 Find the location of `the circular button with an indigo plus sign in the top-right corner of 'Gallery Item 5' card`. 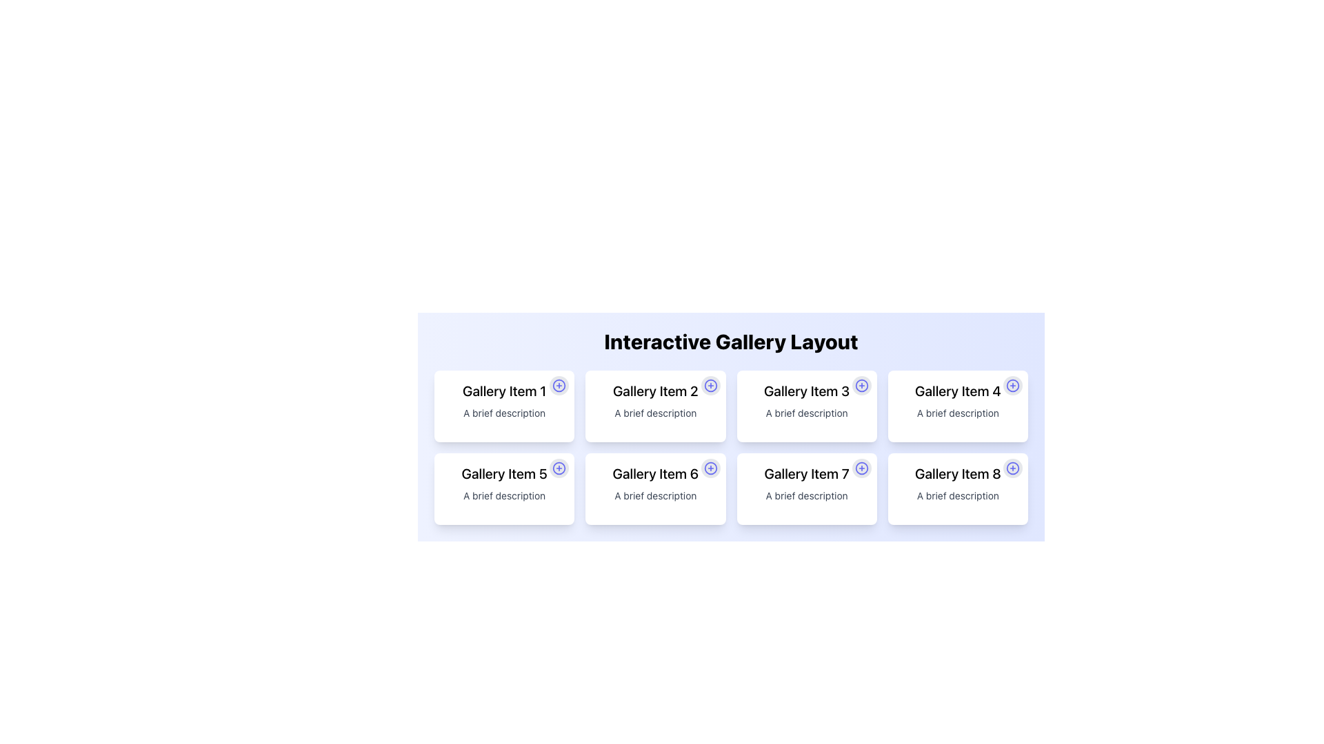

the circular button with an indigo plus sign in the top-right corner of 'Gallery Item 5' card is located at coordinates (559, 467).